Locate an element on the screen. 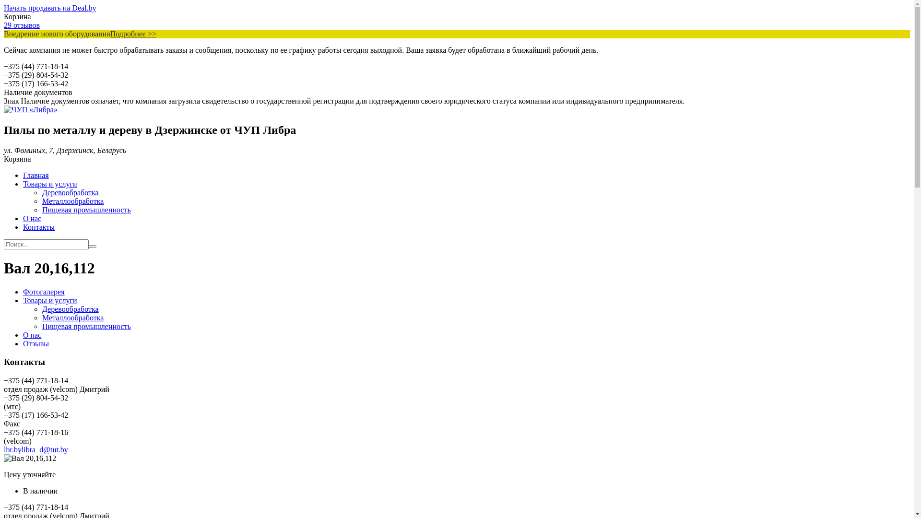 The image size is (921, 518). 'libra_d@tut.by' is located at coordinates (21, 449).